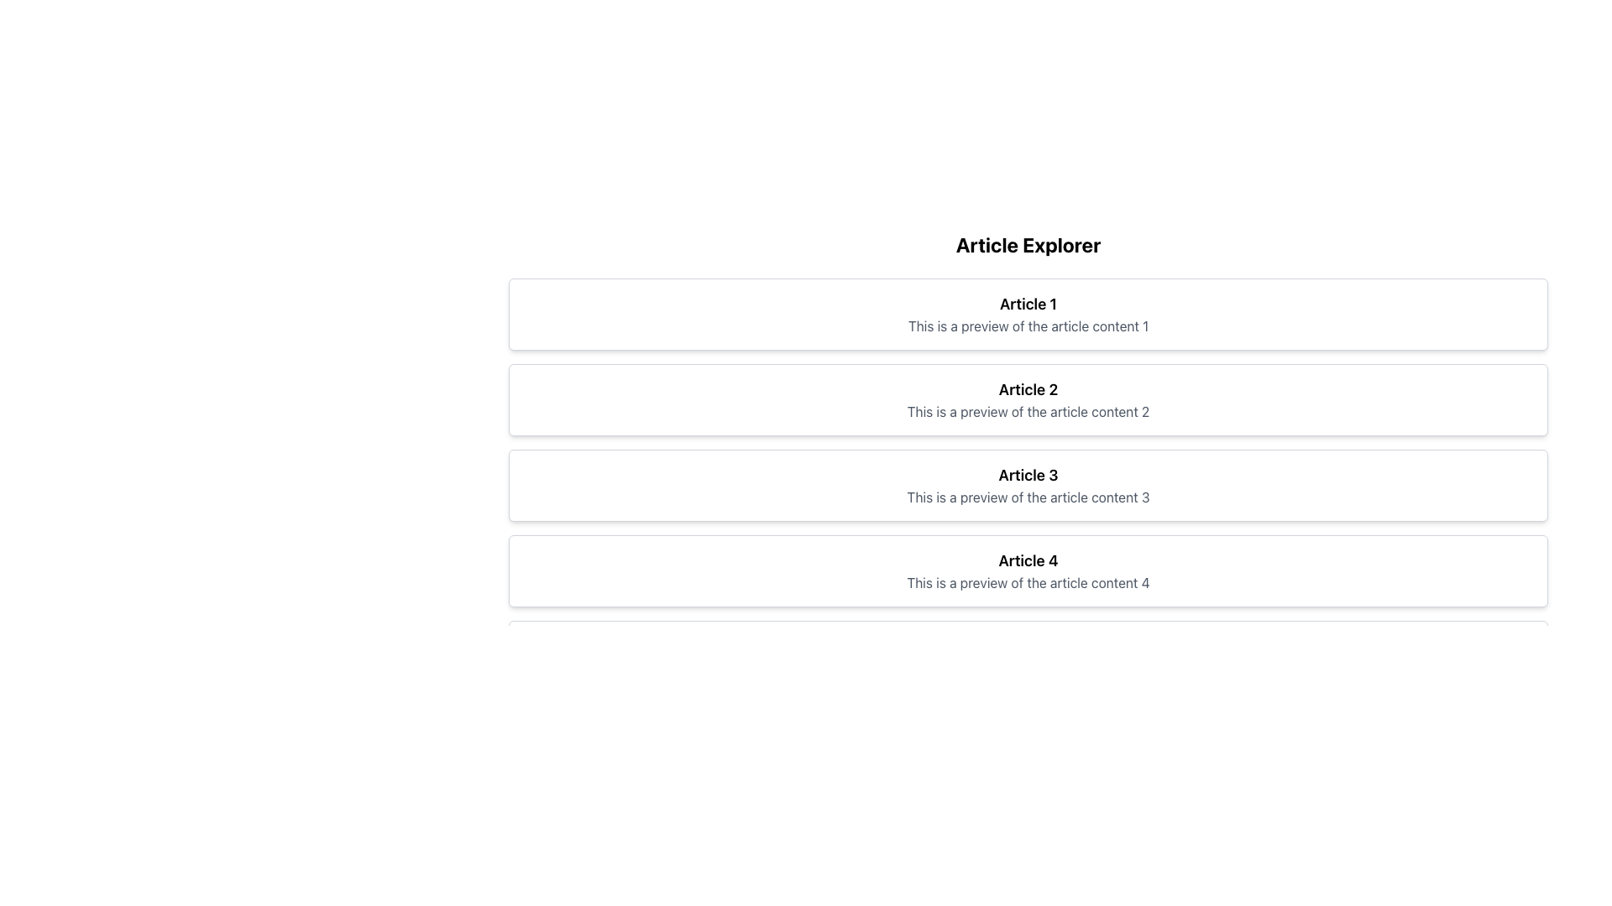  I want to click on the non-interactive text label indicating the title of the fourth article in the list of articles, so click(1027, 560).